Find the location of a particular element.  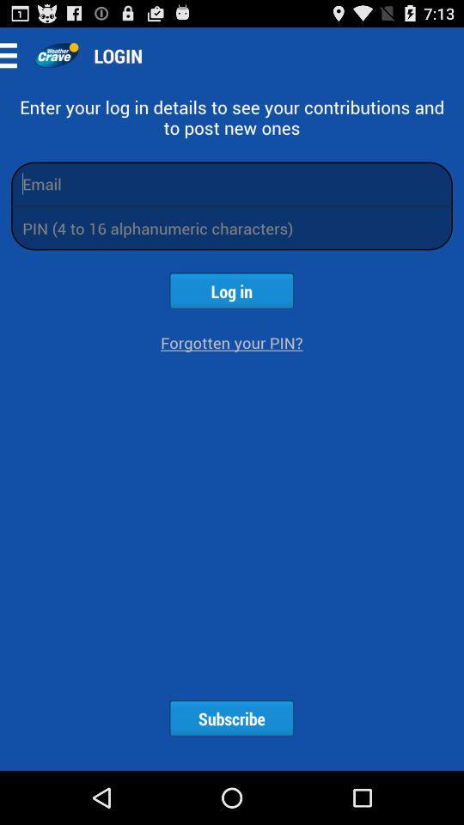

input your email is located at coordinates (232, 183).